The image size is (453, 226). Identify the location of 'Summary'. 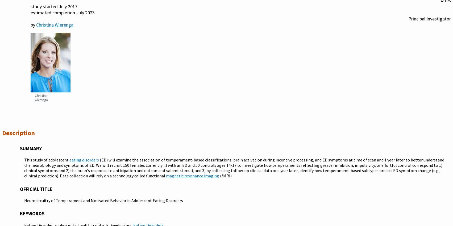
(31, 148).